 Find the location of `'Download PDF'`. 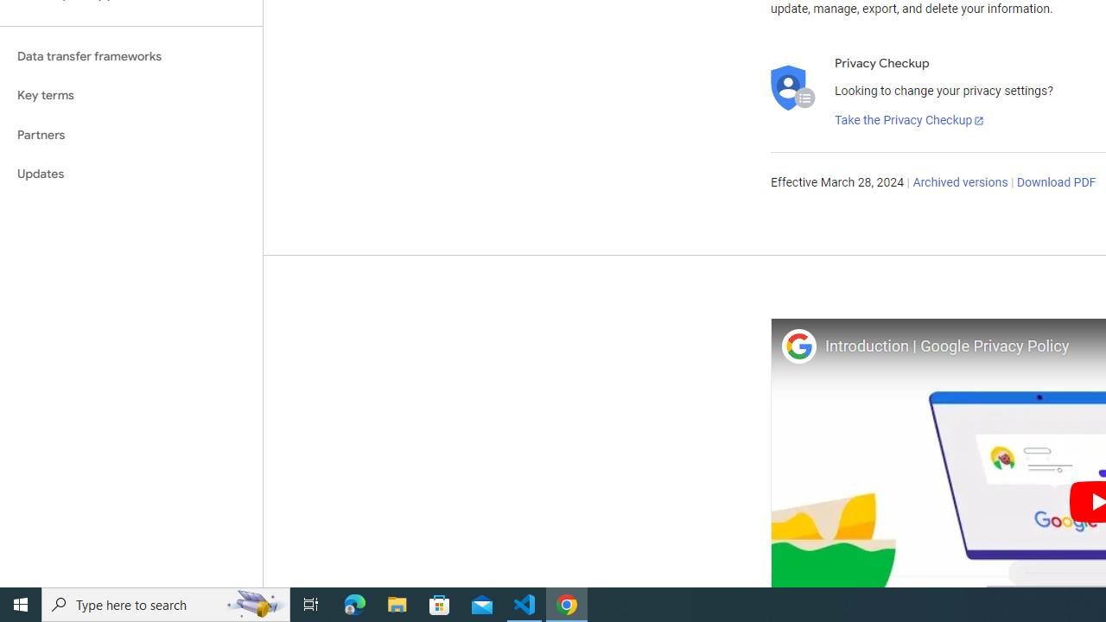

'Download PDF' is located at coordinates (1055, 183).